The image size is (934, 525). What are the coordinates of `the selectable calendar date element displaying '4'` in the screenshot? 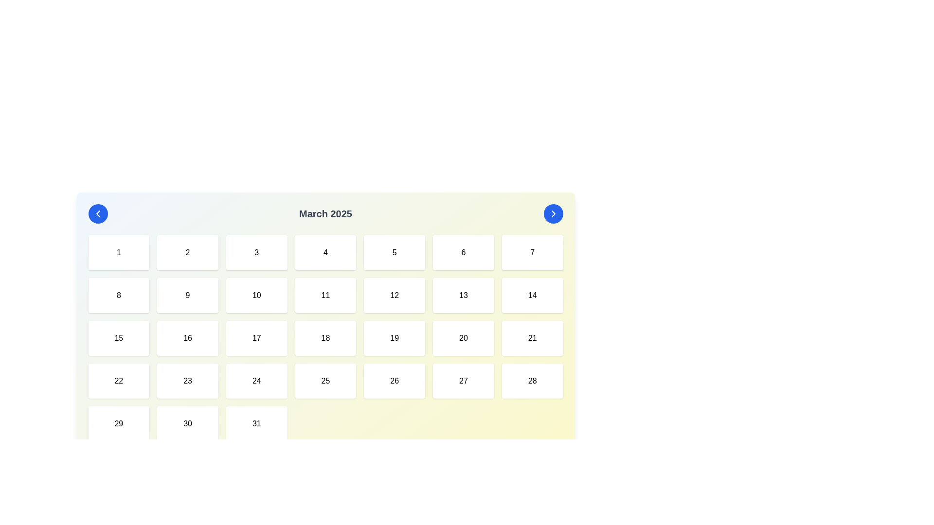 It's located at (325, 252).